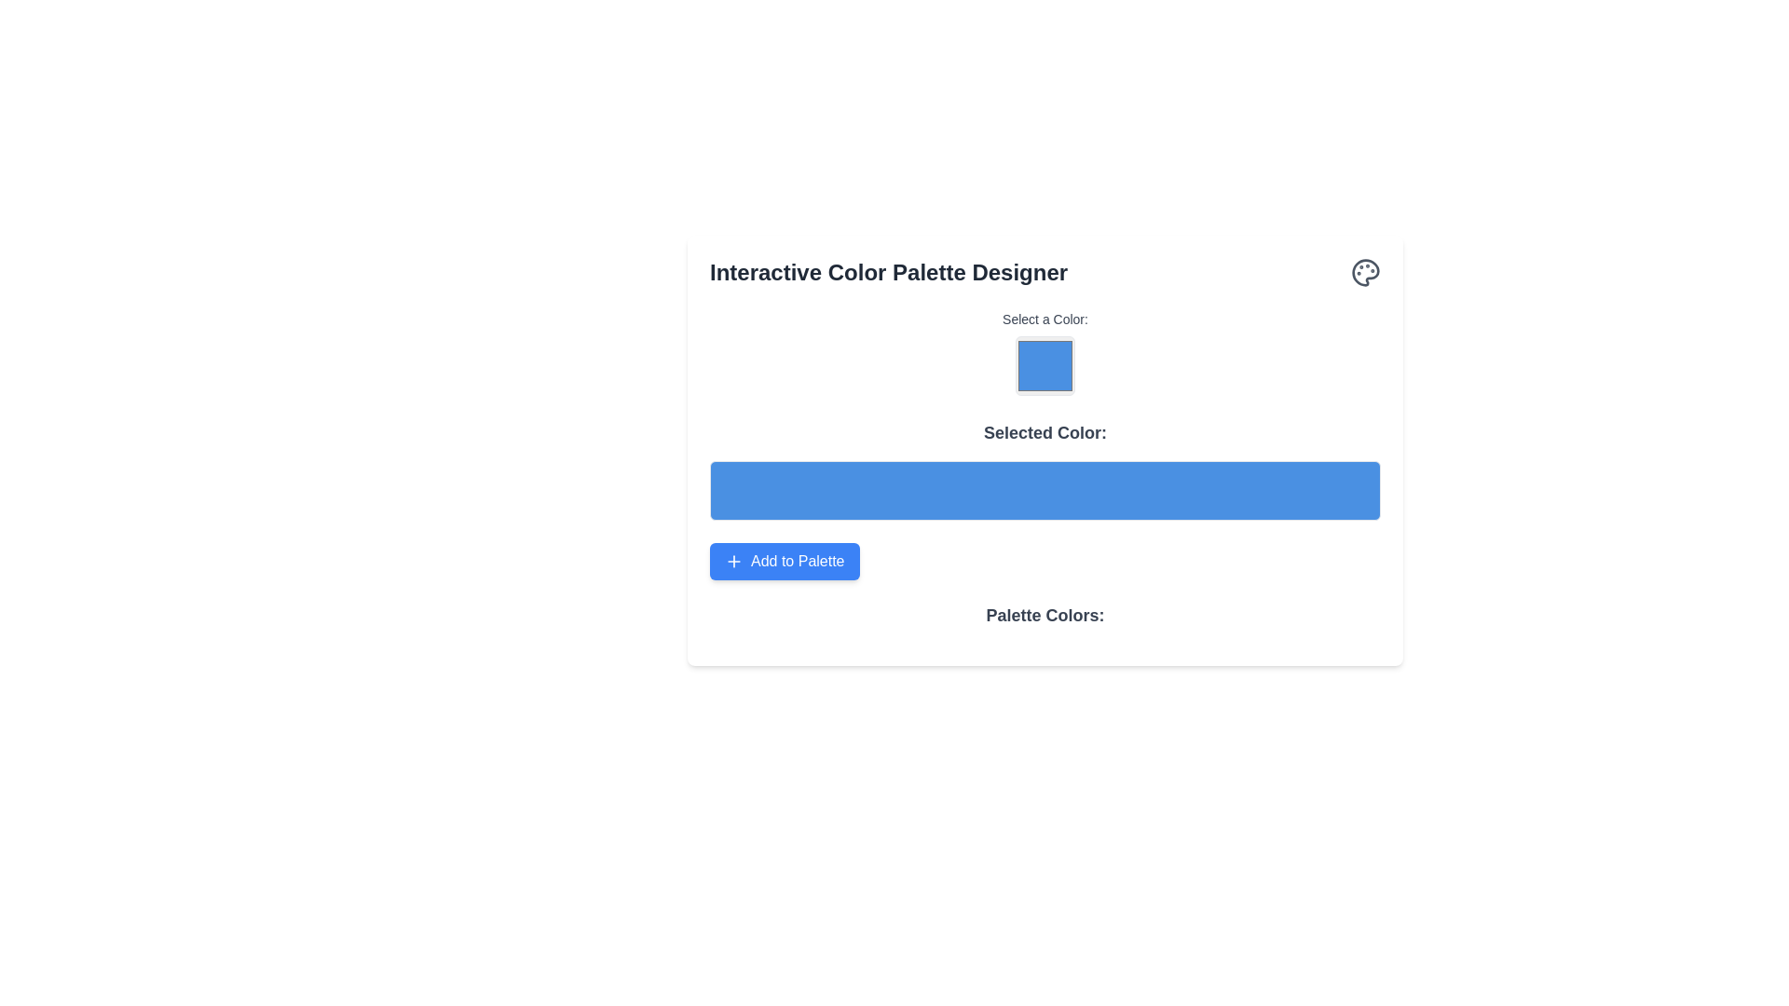 Image resolution: width=1789 pixels, height=1006 pixels. Describe the element at coordinates (732, 560) in the screenshot. I see `the add icon located inside the 'Add to Palette' button, positioned to the left of the text label` at that location.